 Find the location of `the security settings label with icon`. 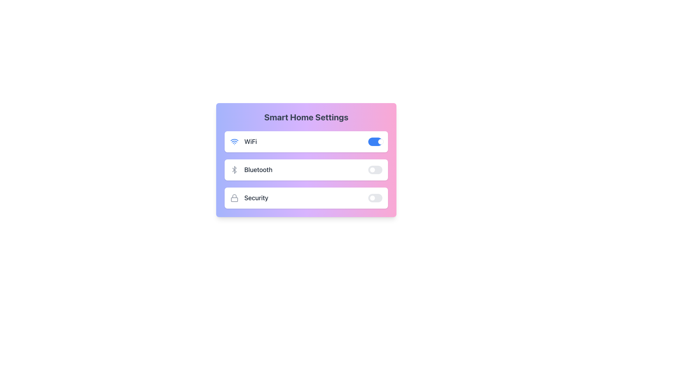

the security settings label with icon is located at coordinates (249, 198).